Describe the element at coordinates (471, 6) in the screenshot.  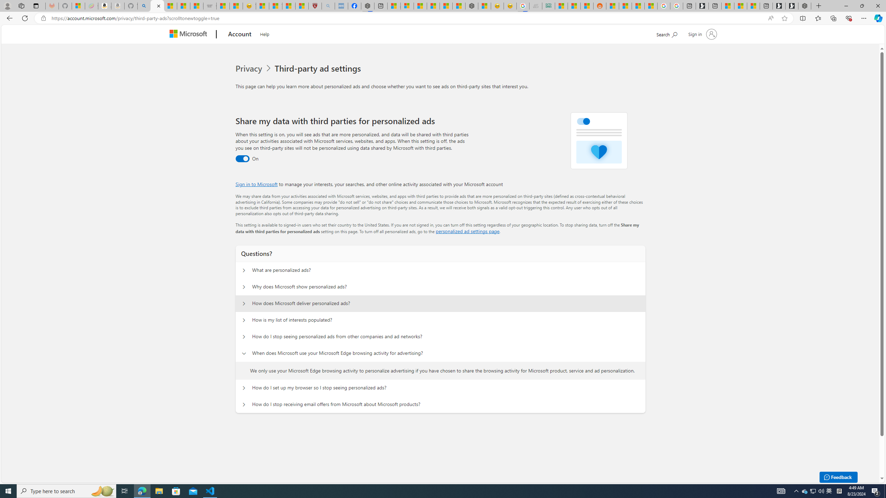
I see `'Nordace - #1 Japanese Best-Seller - Siena Smart Backpack'` at that location.